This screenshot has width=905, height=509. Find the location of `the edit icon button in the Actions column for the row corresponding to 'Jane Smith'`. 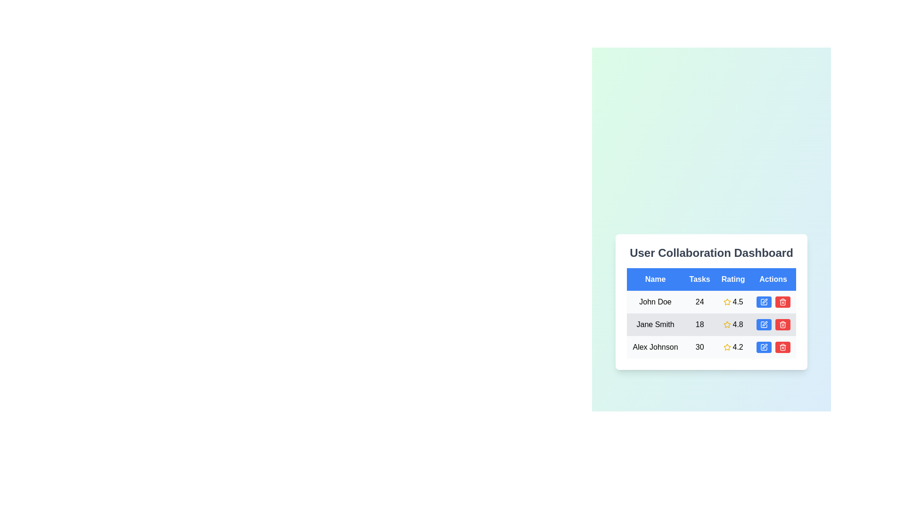

the edit icon button in the Actions column for the row corresponding to 'Jane Smith' is located at coordinates (765, 301).